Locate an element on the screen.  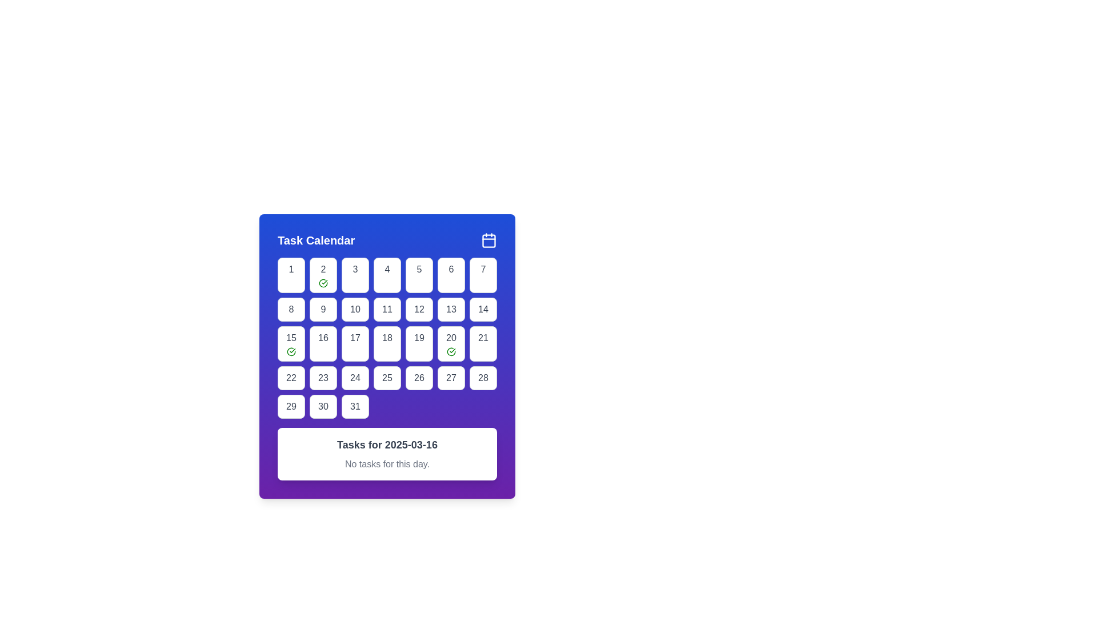
the button displaying the number '11' in a bold font, located in the second row and fourth column of the calendar interface is located at coordinates (387, 310).